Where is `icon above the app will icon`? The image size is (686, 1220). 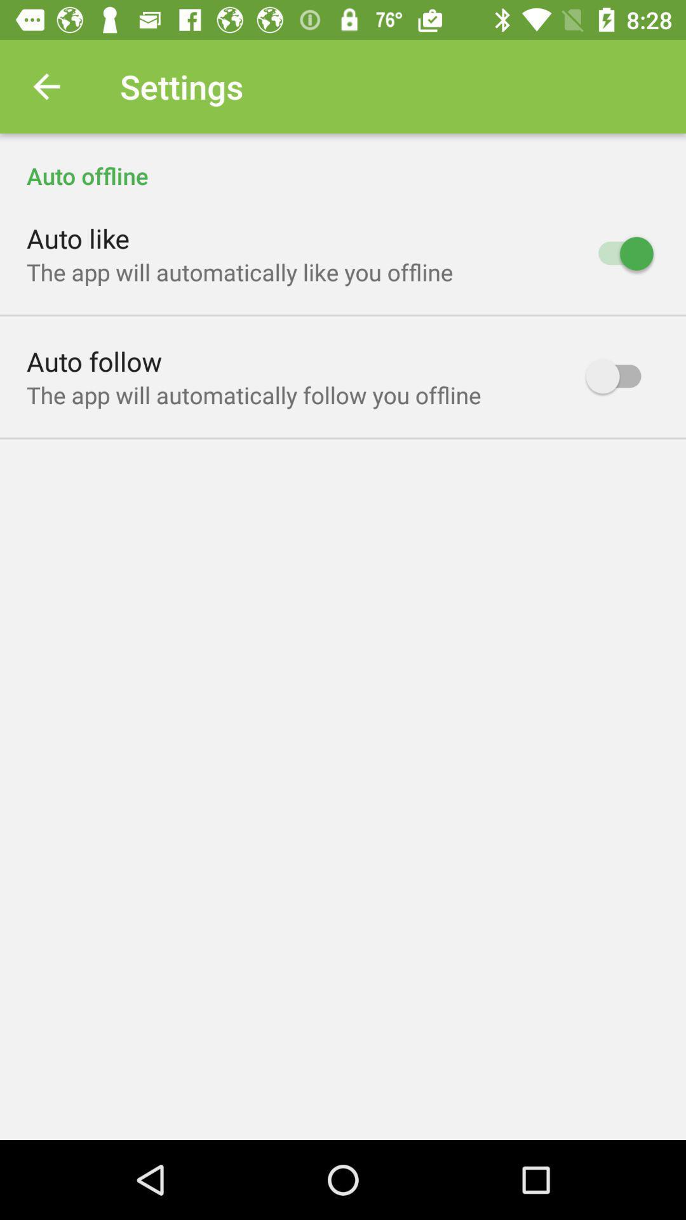 icon above the app will icon is located at coordinates (93, 360).